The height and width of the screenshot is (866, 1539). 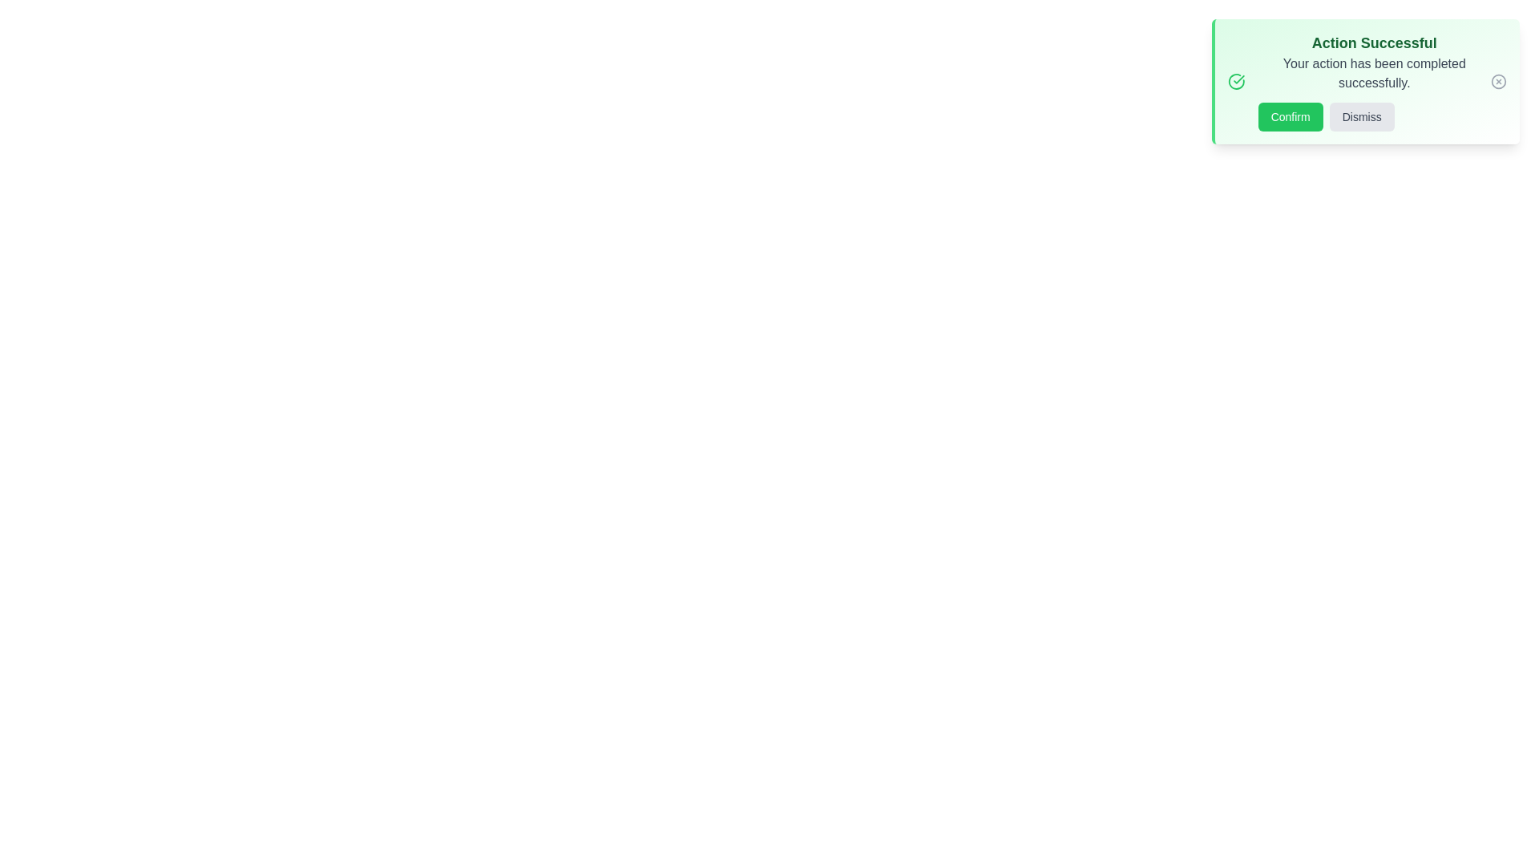 What do you see at coordinates (1361, 116) in the screenshot?
I see `the 'Dismiss' button to hide the alert` at bounding box center [1361, 116].